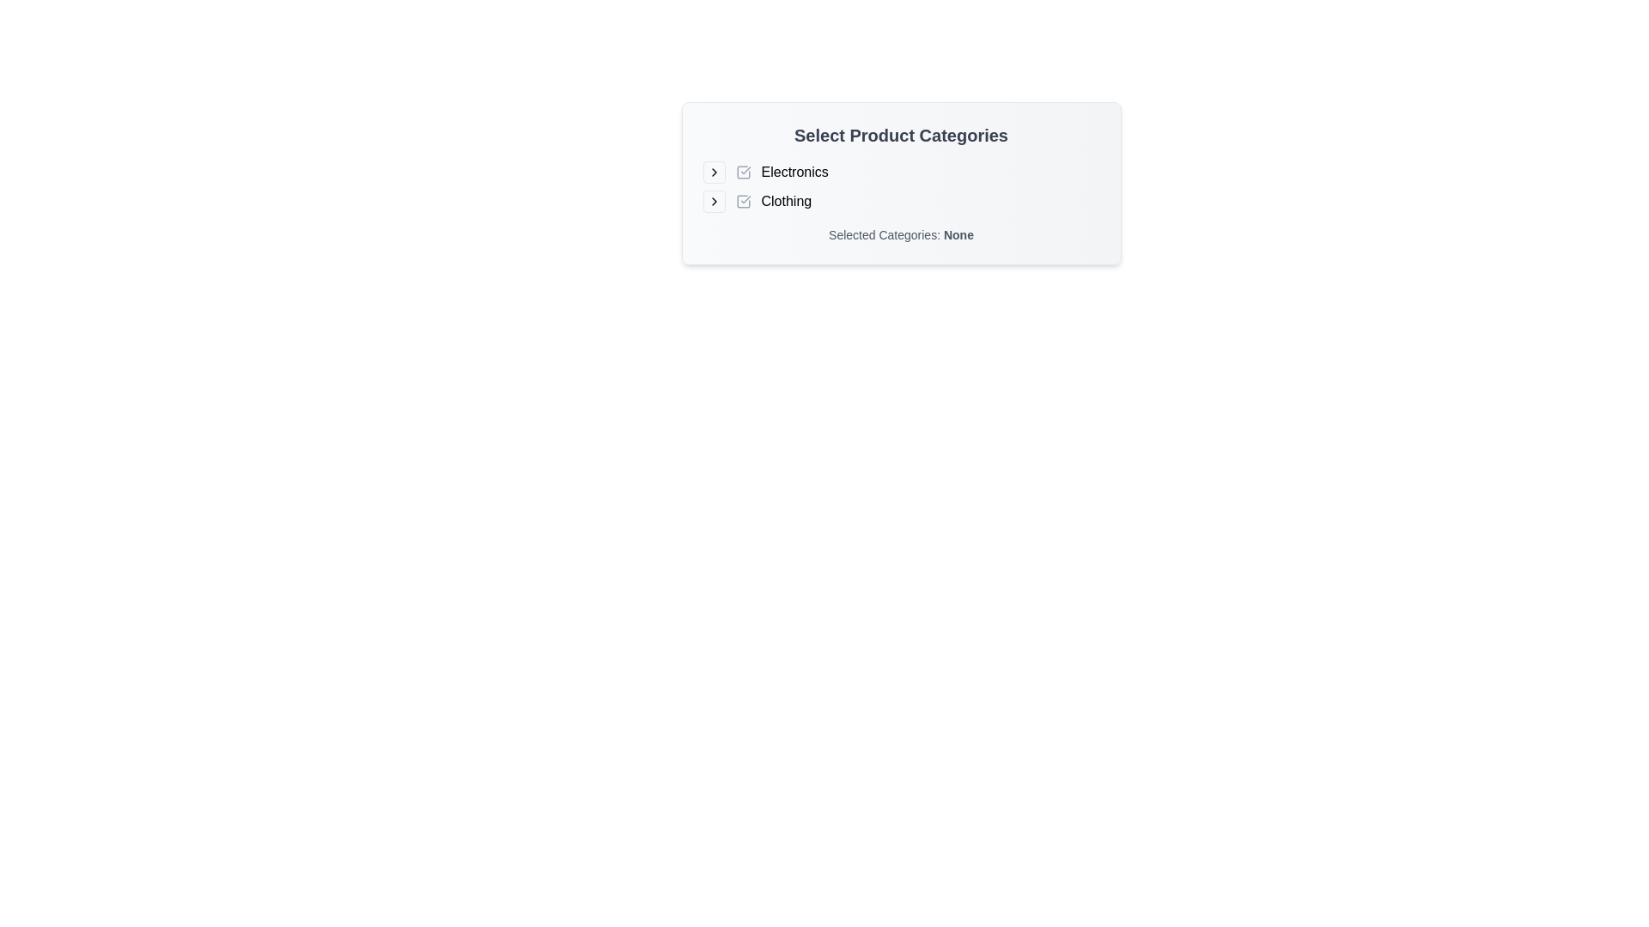 The image size is (1649, 927). Describe the element at coordinates (794, 172) in the screenshot. I see `the text label displaying 'Electronics' in a black sans-serif font, which is positioned to the right of a checkbox and an arrow icon, under the title 'Select Product Categories'` at that location.